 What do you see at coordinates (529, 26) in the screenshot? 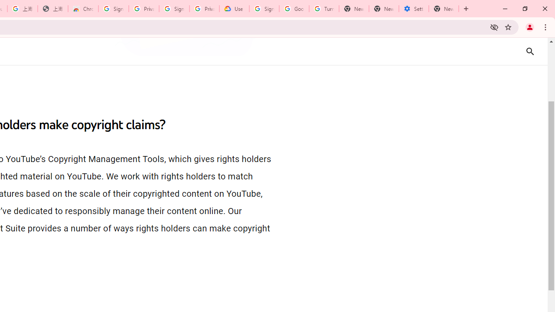
I see `'You'` at bounding box center [529, 26].